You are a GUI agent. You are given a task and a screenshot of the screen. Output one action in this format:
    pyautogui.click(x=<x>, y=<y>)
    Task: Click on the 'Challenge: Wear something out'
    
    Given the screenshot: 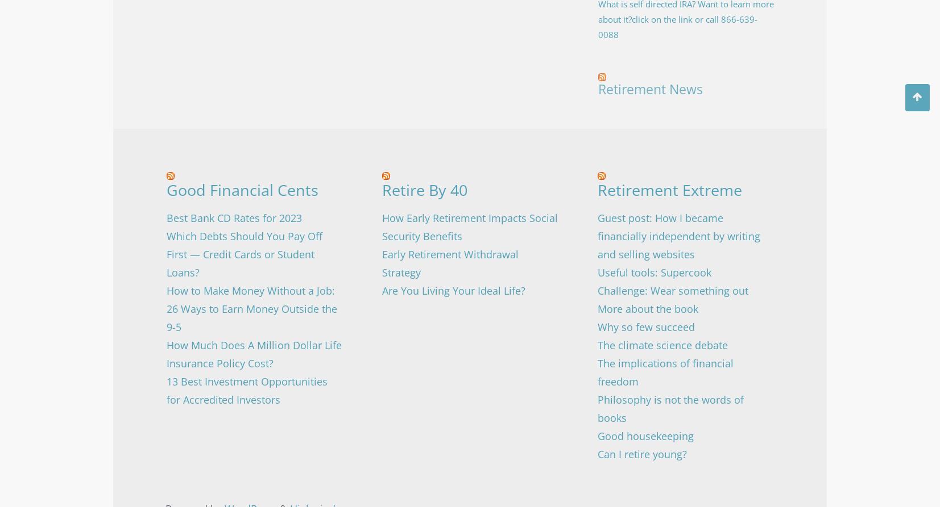 What is the action you would take?
    pyautogui.click(x=672, y=290)
    